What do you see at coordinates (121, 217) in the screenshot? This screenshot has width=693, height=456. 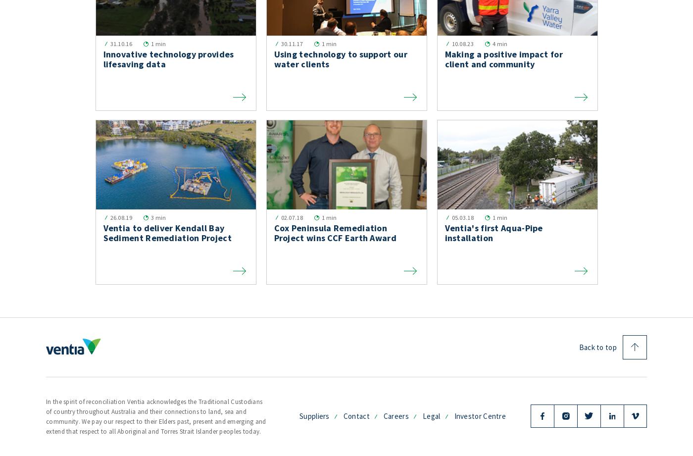 I see `'26.08.19'` at bounding box center [121, 217].